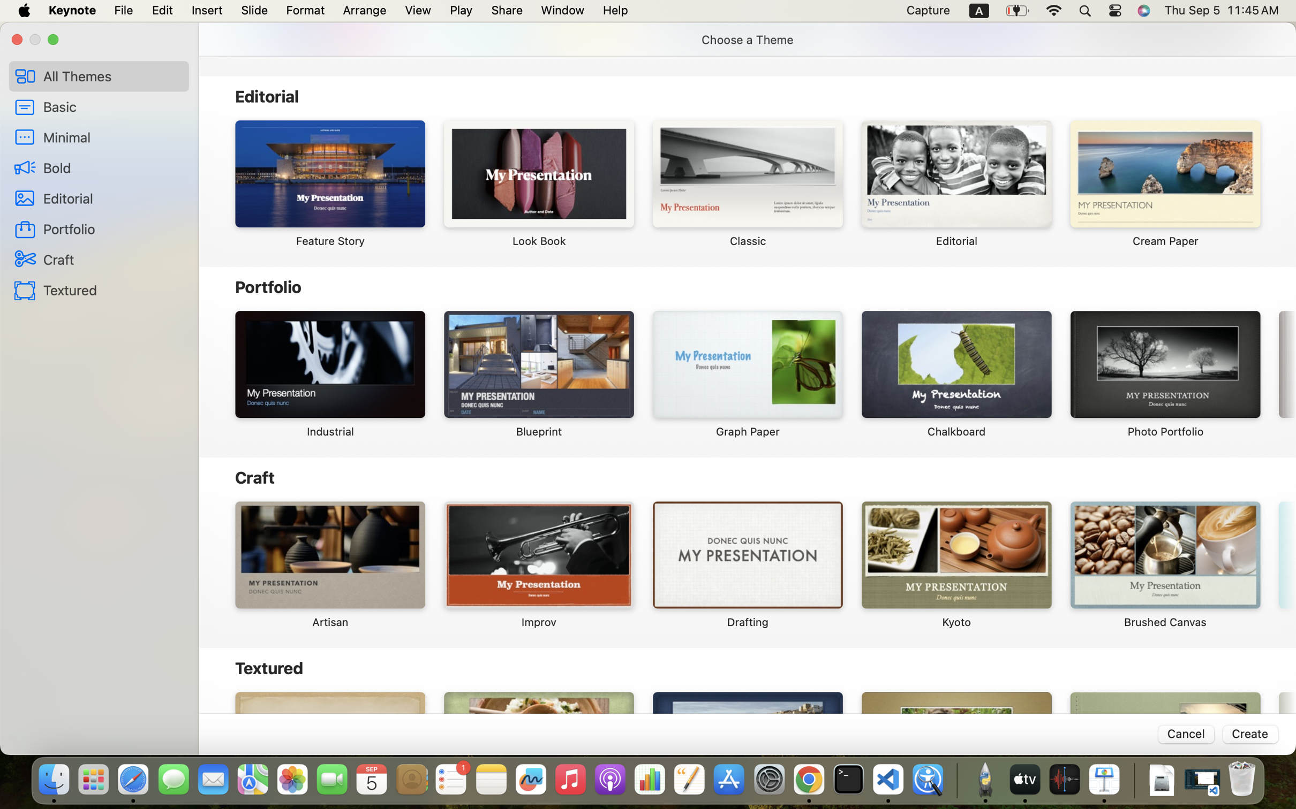 This screenshot has width=1296, height=809. Describe the element at coordinates (747, 40) in the screenshot. I see `'Choose a Theme'` at that location.